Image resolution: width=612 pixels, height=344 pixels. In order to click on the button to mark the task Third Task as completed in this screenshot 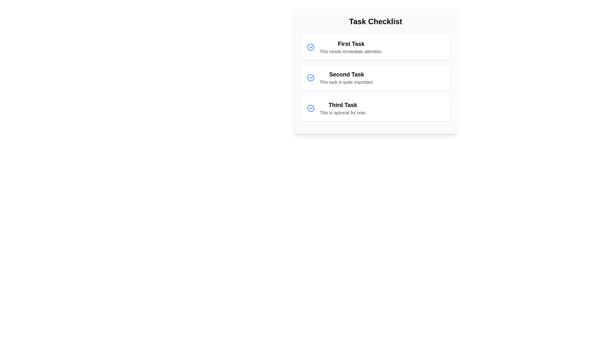, I will do `click(310, 108)`.